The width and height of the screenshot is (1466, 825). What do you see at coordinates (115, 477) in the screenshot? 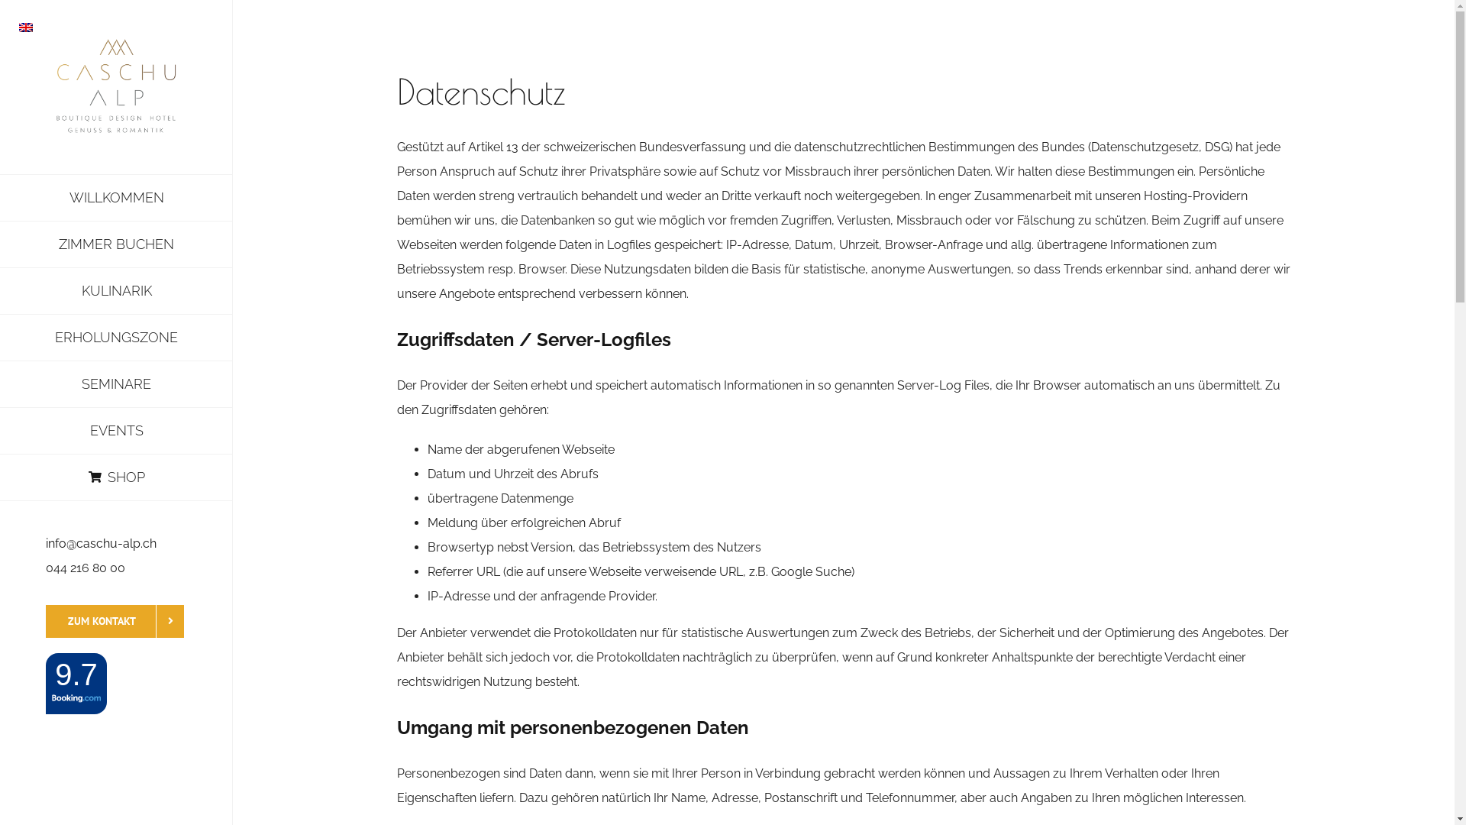
I see `'SHOP'` at bounding box center [115, 477].